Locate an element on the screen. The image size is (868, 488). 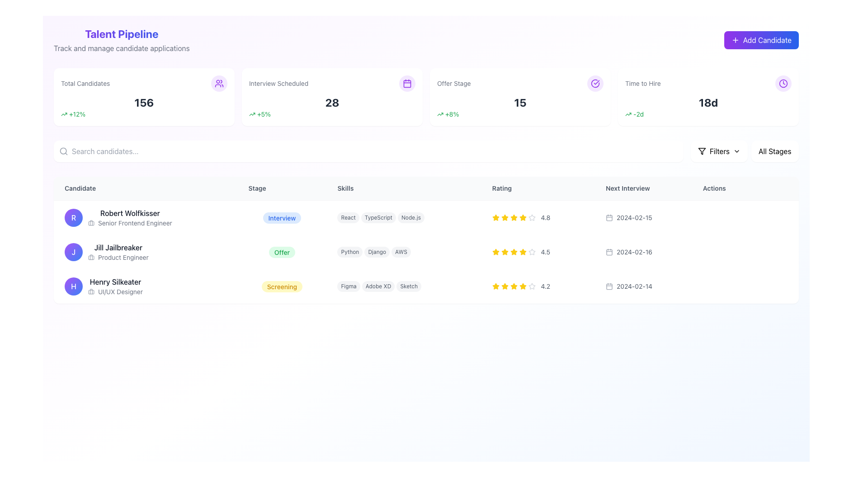
the Decorative Icon, which serves as a visual indicator for the search functionality, located on the left side of the search bar area at the top of the main content section is located at coordinates (63, 151).